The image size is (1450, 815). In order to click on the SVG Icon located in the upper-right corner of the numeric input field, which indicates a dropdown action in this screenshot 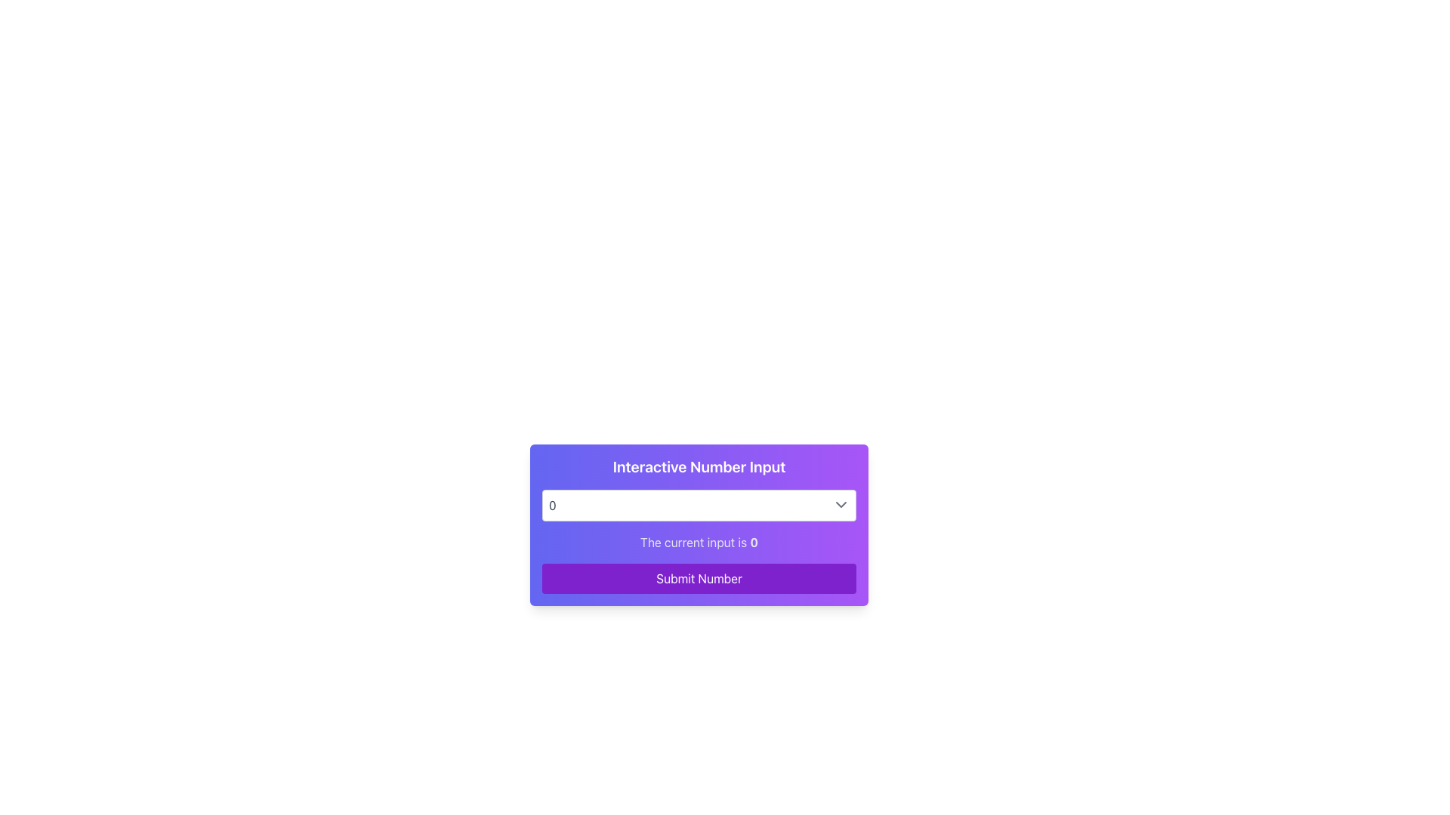, I will do `click(840, 504)`.